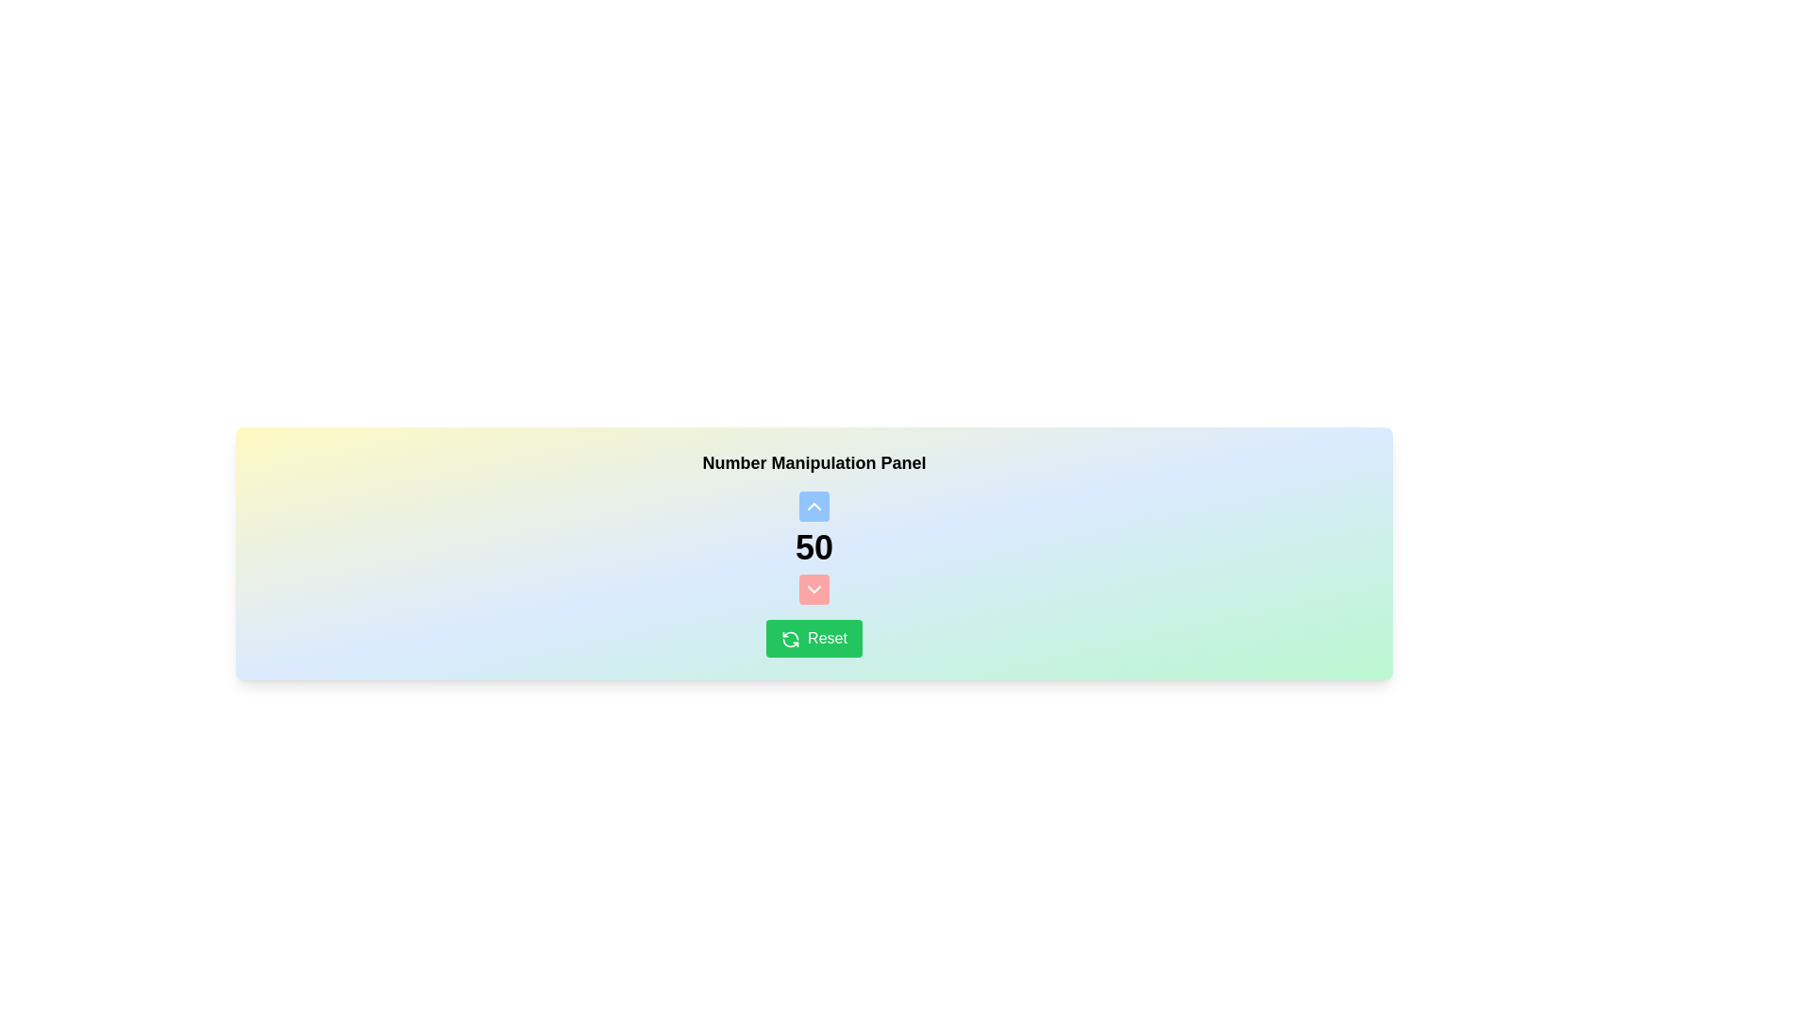 This screenshot has height=1019, width=1812. What do you see at coordinates (791, 642) in the screenshot?
I see `the third subcomponent of the circular arrow icon, which is part of the refresh icon located centrally within the green 'Reset' button` at bounding box center [791, 642].